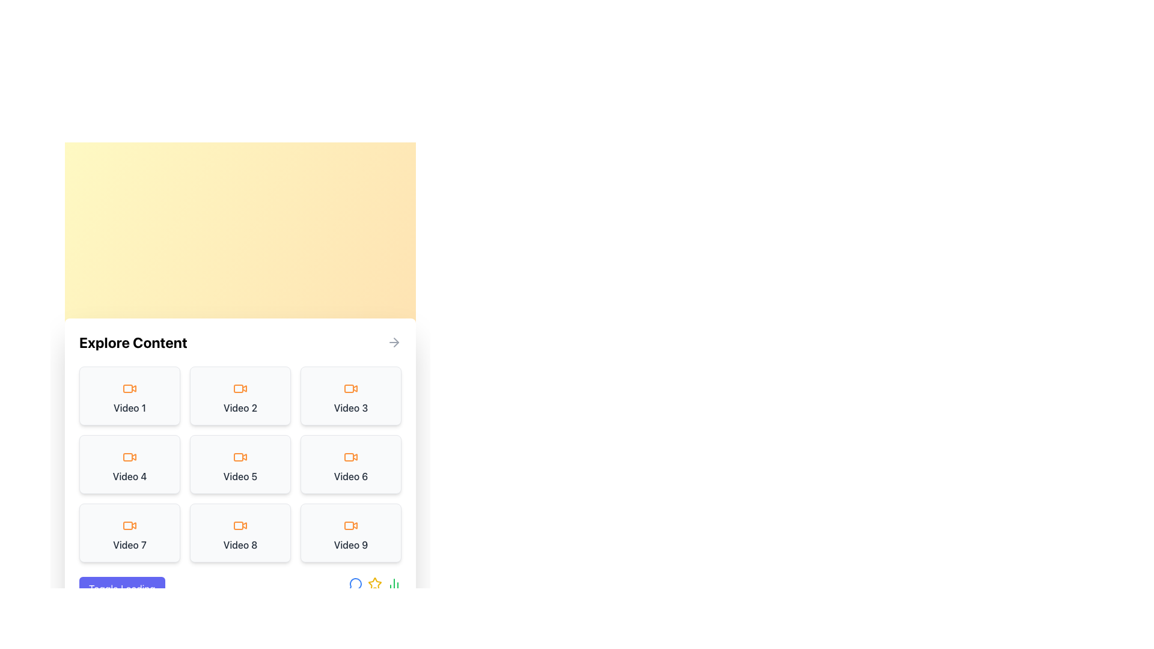 This screenshot has height=649, width=1154. I want to click on the 'Video 4' icon, so click(130, 457).